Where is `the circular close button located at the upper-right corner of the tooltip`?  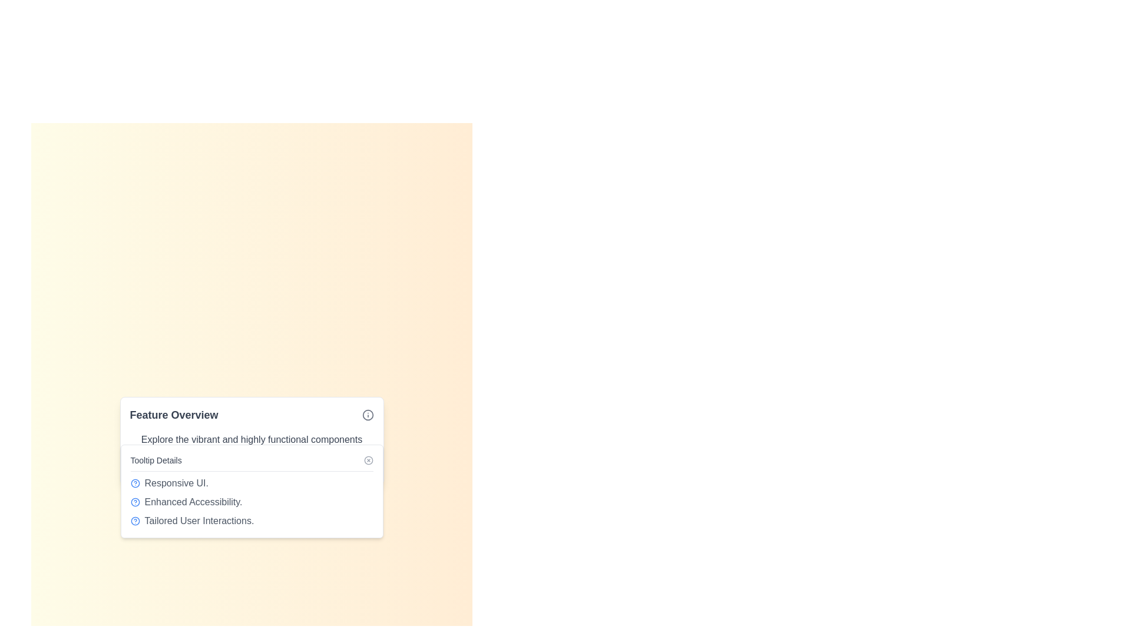 the circular close button located at the upper-right corner of the tooltip is located at coordinates (368, 460).